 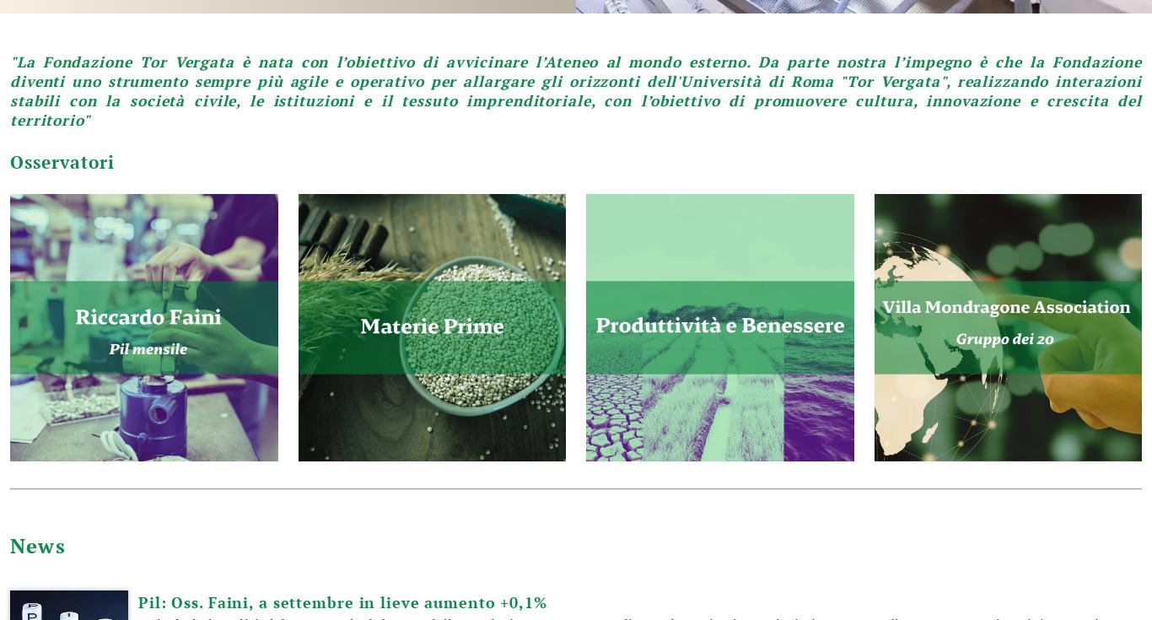 I want to click on 'Financial Intermediation in Macroeconomic Modelling for Policy Simulation', so click(x=143, y=35).